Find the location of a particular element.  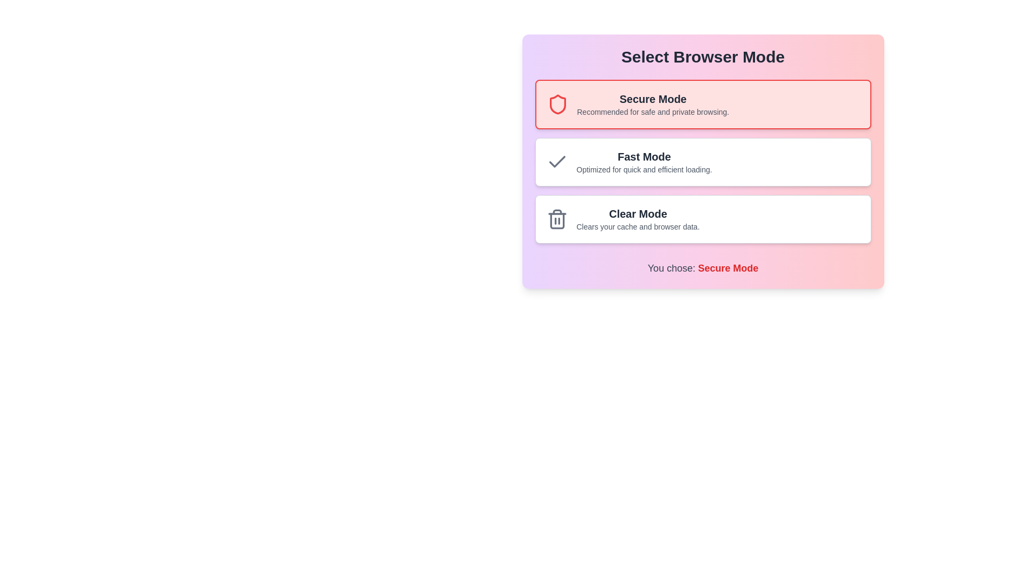

the textual content element displaying 'Secure Mode' and its description 'Recommended for safe and private browsing.' is located at coordinates (652, 104).